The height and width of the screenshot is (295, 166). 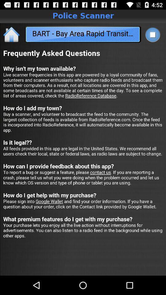 What do you see at coordinates (152, 34) in the screenshot?
I see `pause` at bounding box center [152, 34].